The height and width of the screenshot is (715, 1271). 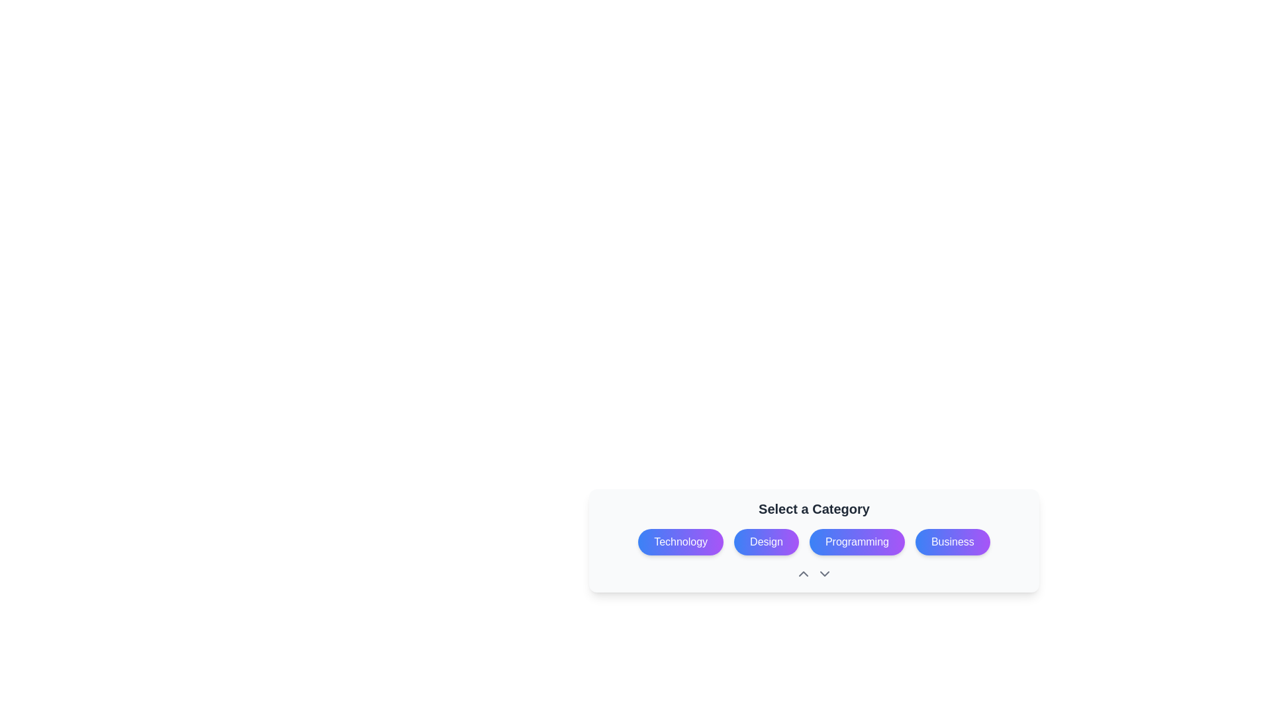 What do you see at coordinates (803, 573) in the screenshot?
I see `the chevron-up icon, which is a gray upward-pointing triangular button-like SVG element located to the left of a downward chevron icon` at bounding box center [803, 573].